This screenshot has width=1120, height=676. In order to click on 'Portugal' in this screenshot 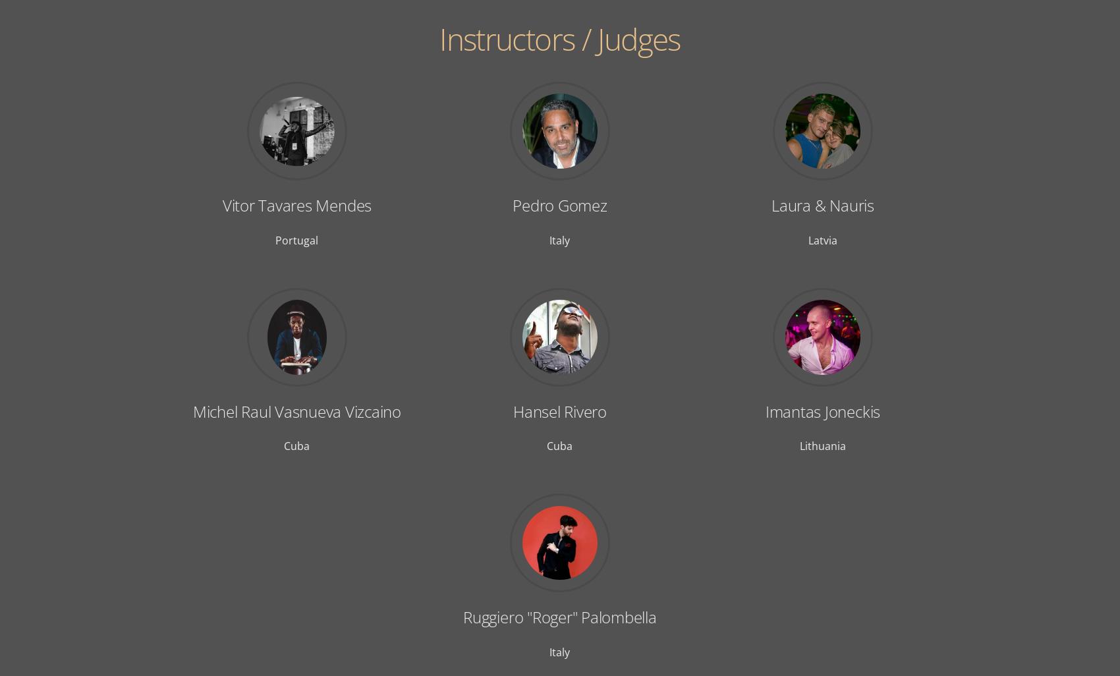, I will do `click(296, 240)`.